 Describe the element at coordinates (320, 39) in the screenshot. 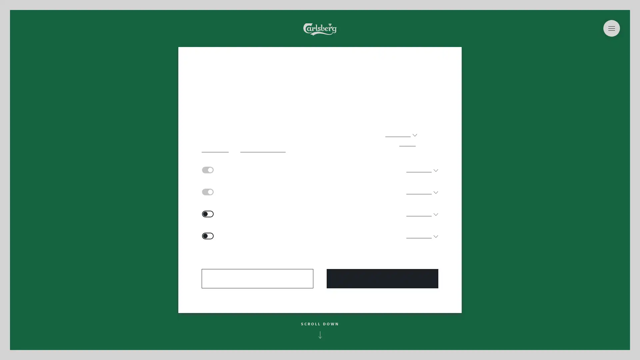

I see `United States of America` at that location.